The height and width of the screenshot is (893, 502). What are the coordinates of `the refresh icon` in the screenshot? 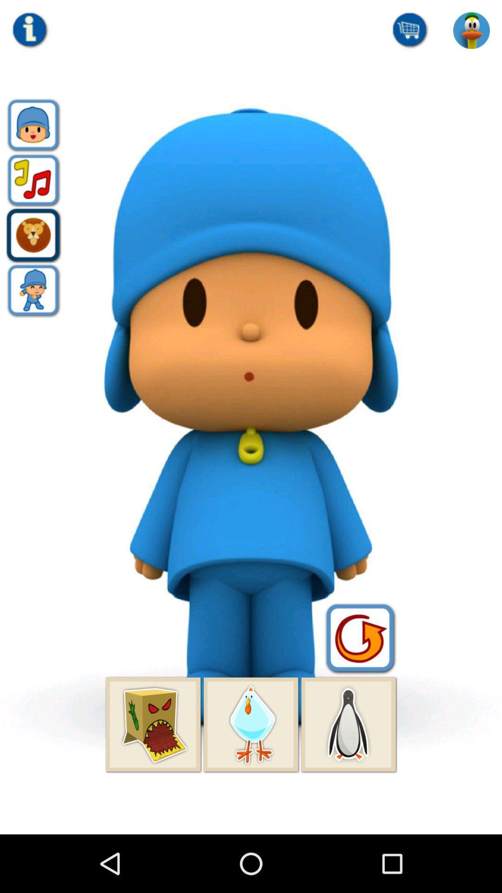 It's located at (360, 684).